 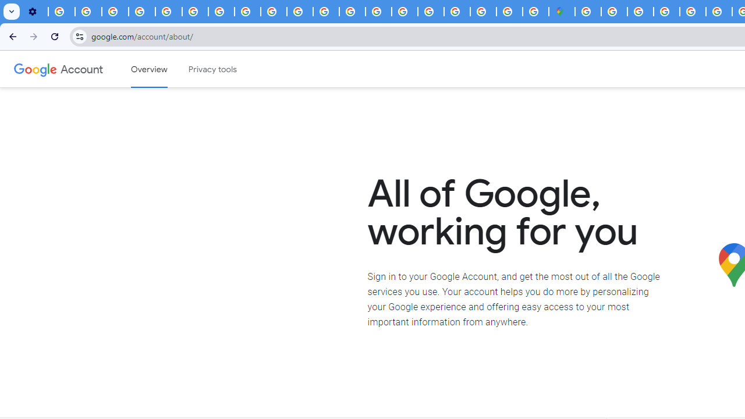 I want to click on 'Delete photos & videos - Computer - Google Photos Help', so click(x=61, y=12).